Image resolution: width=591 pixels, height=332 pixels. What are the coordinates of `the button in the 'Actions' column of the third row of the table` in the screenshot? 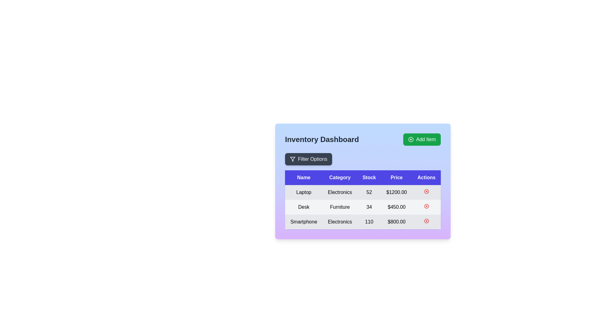 It's located at (426, 220).